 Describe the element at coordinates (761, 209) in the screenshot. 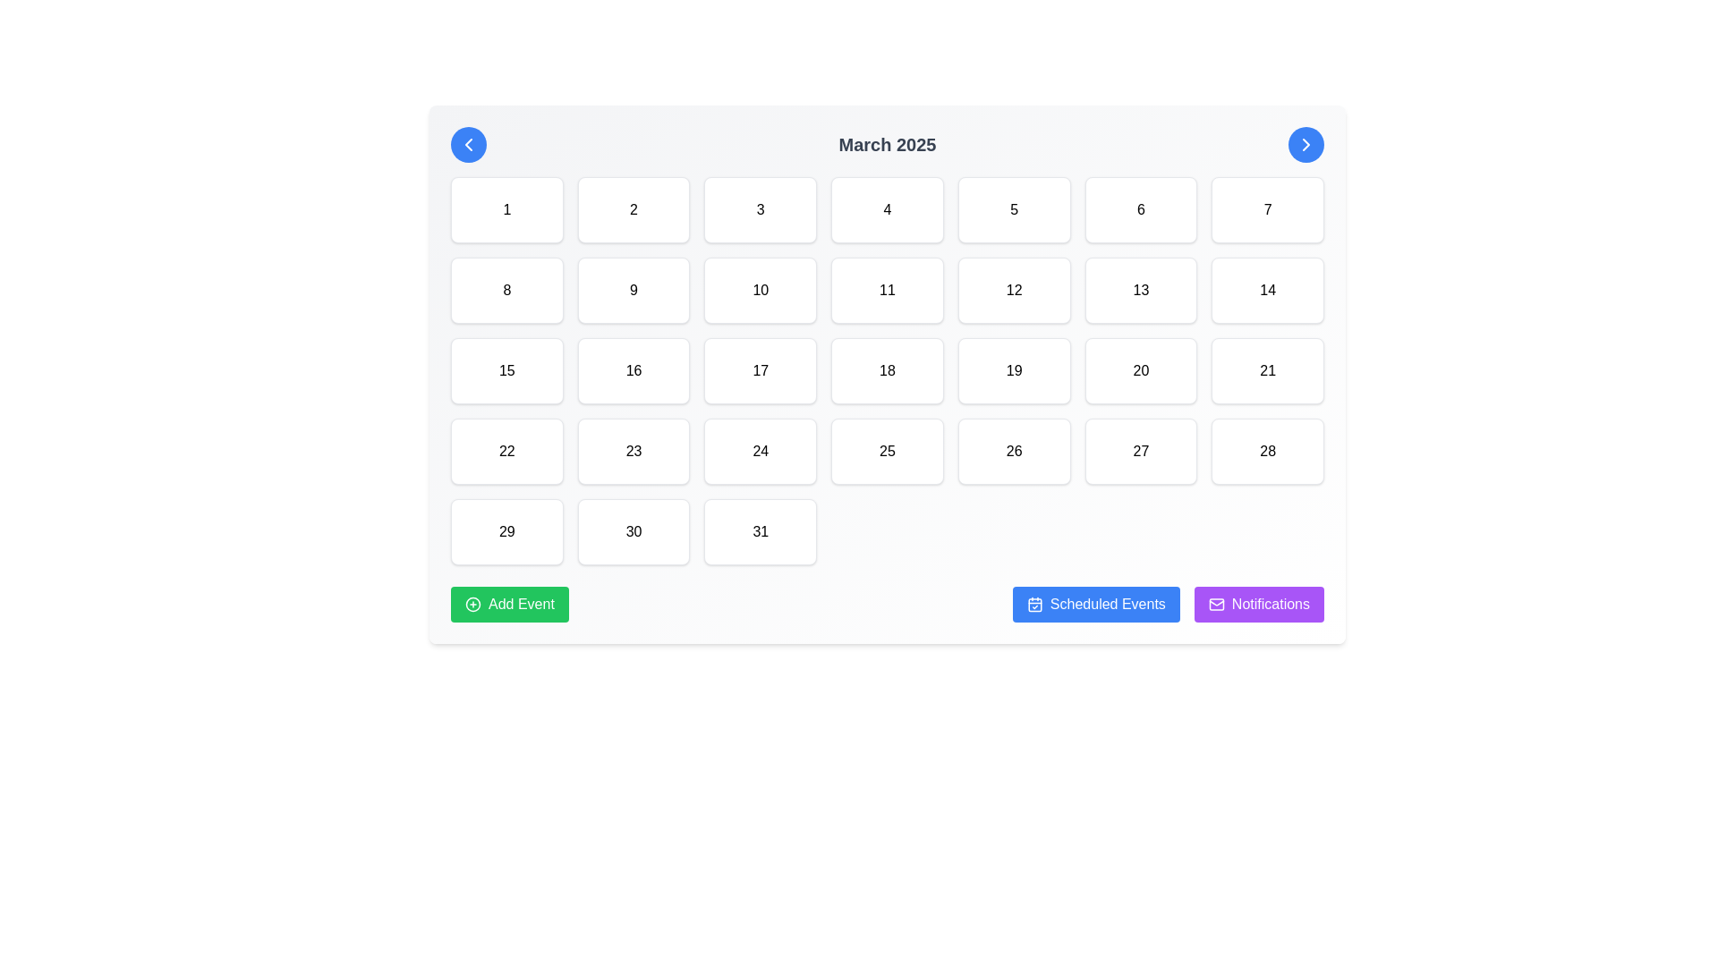

I see `the calendar day block displaying the number '3', which is the third element in the first row of the grid` at that location.